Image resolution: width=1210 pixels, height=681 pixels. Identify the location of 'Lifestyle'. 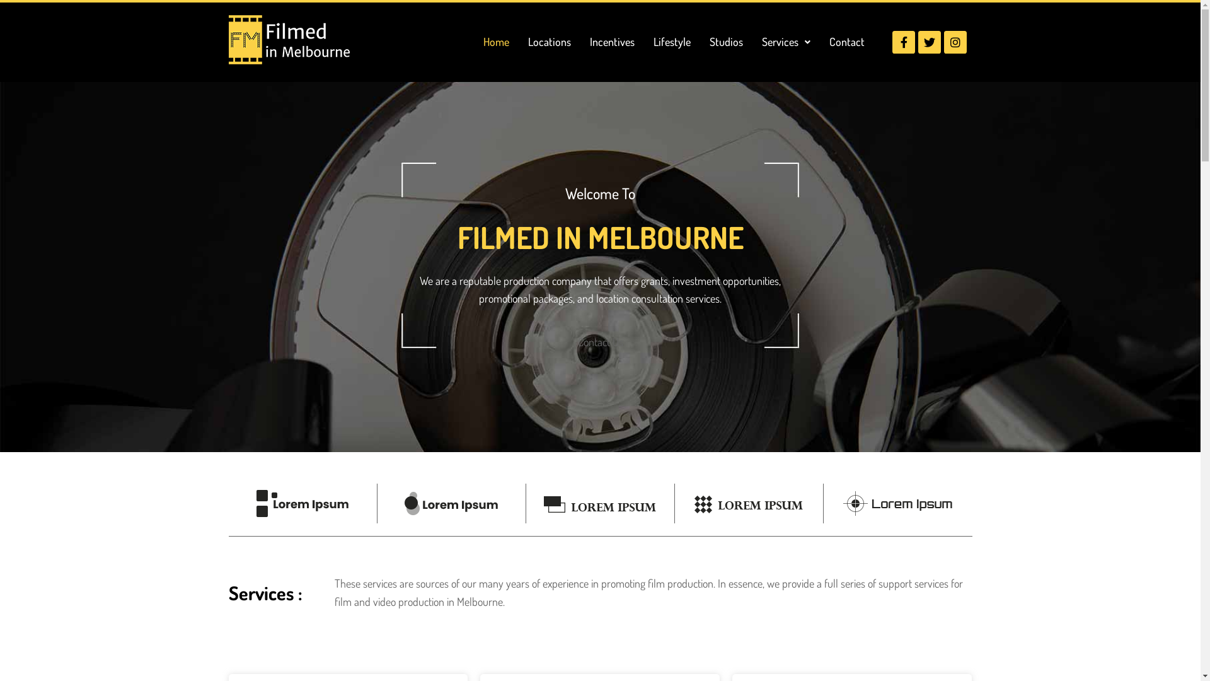
(644, 41).